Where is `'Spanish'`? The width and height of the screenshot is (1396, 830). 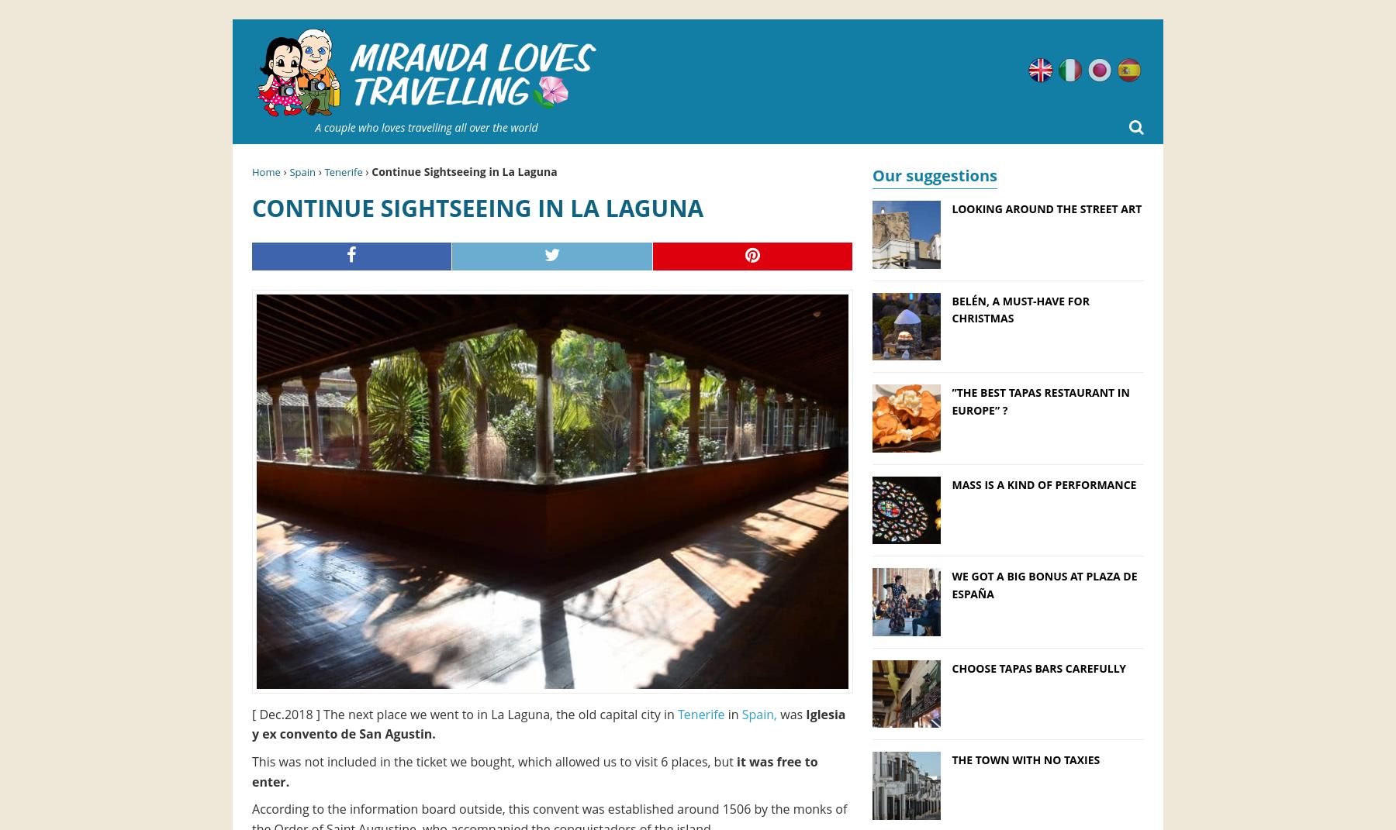 'Spanish' is located at coordinates (1142, 67).